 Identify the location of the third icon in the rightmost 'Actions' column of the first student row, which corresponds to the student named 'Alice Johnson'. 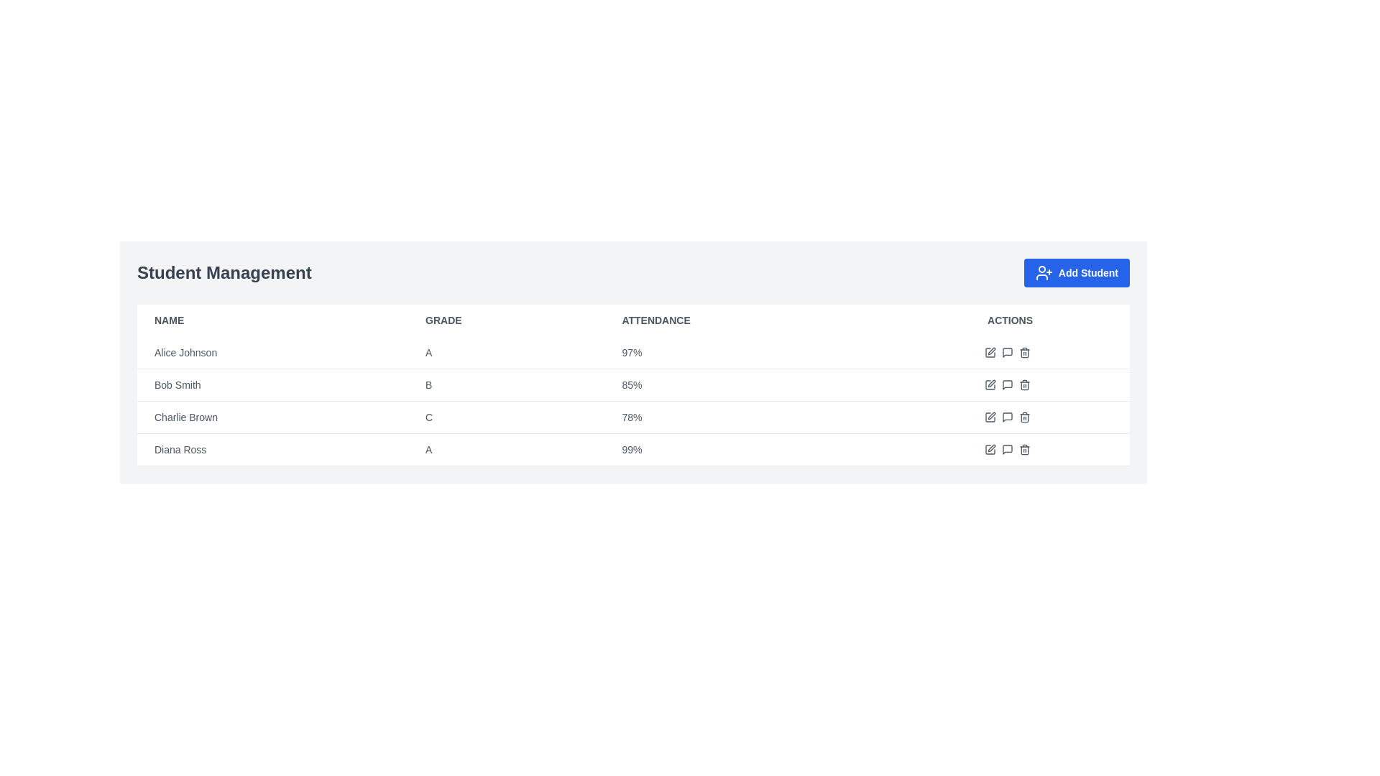
(1009, 352).